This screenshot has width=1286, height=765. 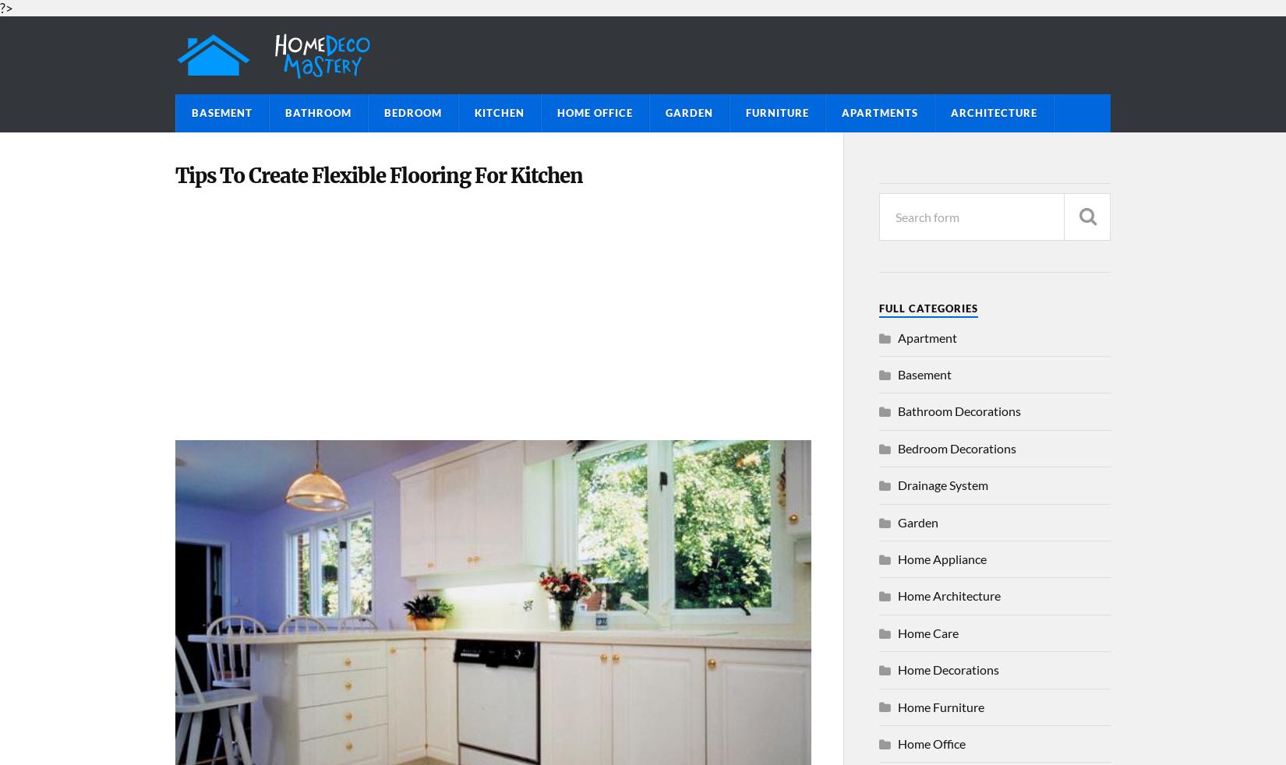 What do you see at coordinates (959, 410) in the screenshot?
I see `'Bathroom Decorations'` at bounding box center [959, 410].